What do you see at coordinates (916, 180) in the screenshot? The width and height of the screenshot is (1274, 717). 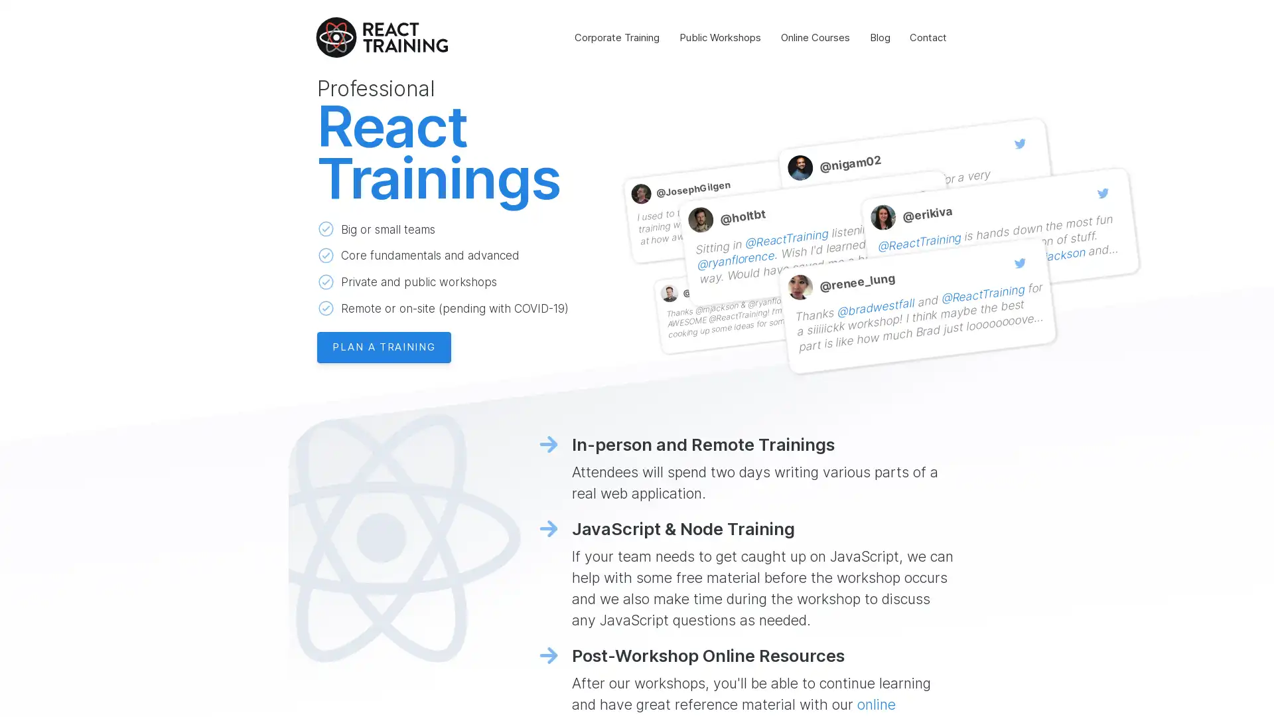 I see `Twitter Avatar for nigam02 @nigam02 @ReactTrainingThankyouforaveryinformativetrainingonReactHooks,itwasgoodonsomanypoints.YourtrainingwasinformativeandinteractivewhichgavememoreconfidencetouseReactHooksinmyfutureapplications.` at bounding box center [916, 180].